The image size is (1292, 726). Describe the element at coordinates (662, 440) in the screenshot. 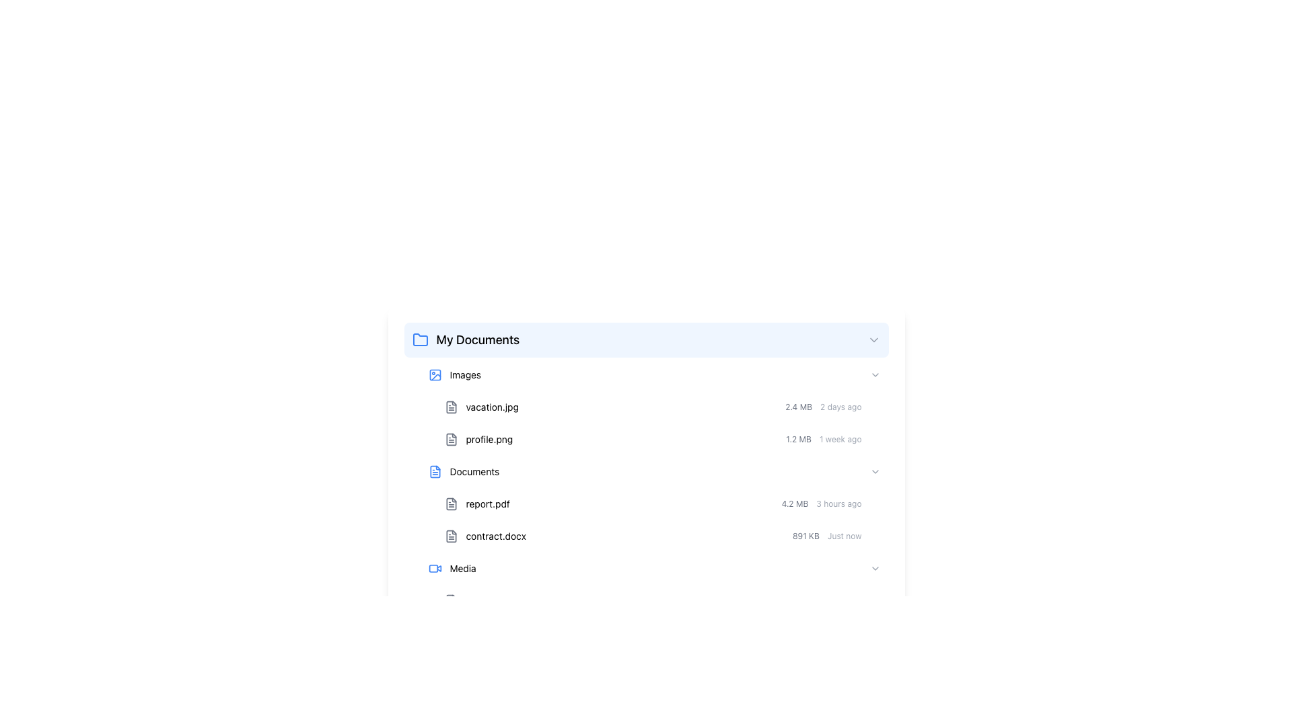

I see `the 'profile.png' file item` at that location.